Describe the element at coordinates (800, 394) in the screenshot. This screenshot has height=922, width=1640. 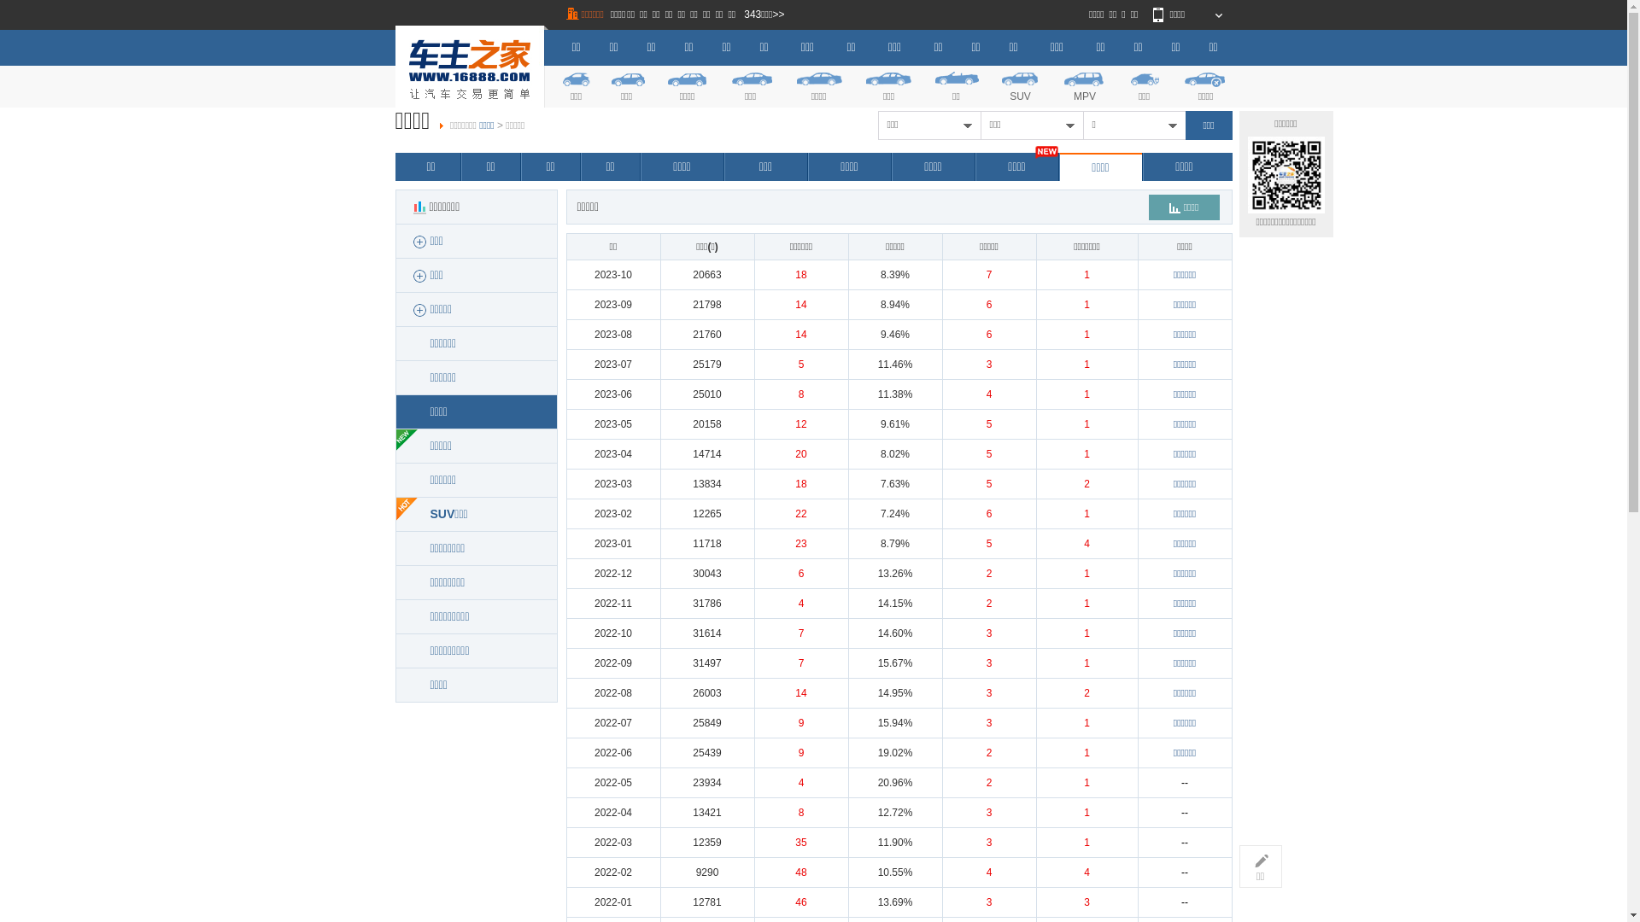
I see `'8'` at that location.